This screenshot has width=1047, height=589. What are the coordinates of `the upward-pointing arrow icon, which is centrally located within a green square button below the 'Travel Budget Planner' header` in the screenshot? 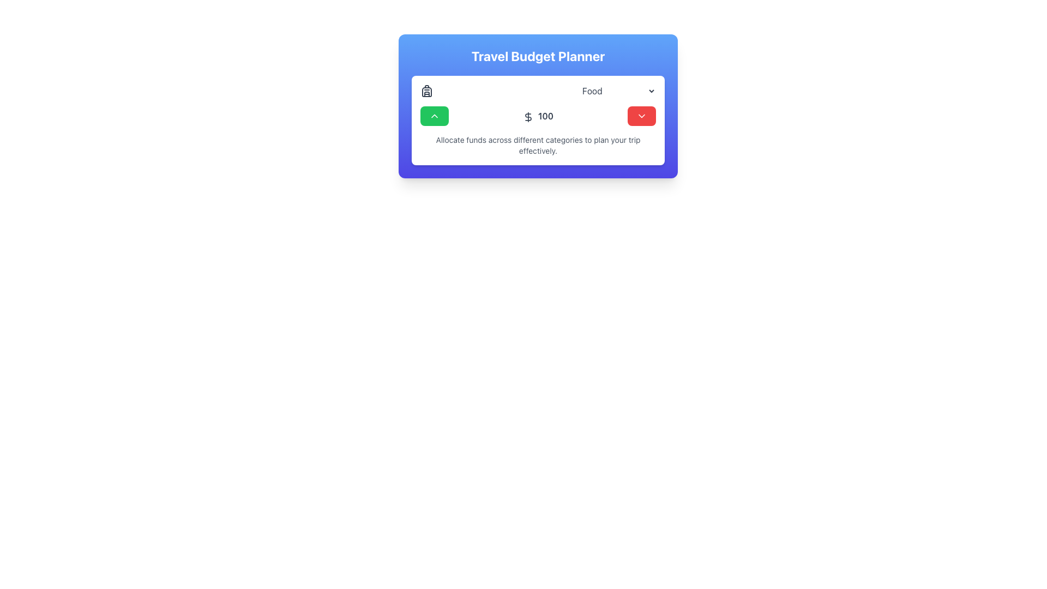 It's located at (434, 116).